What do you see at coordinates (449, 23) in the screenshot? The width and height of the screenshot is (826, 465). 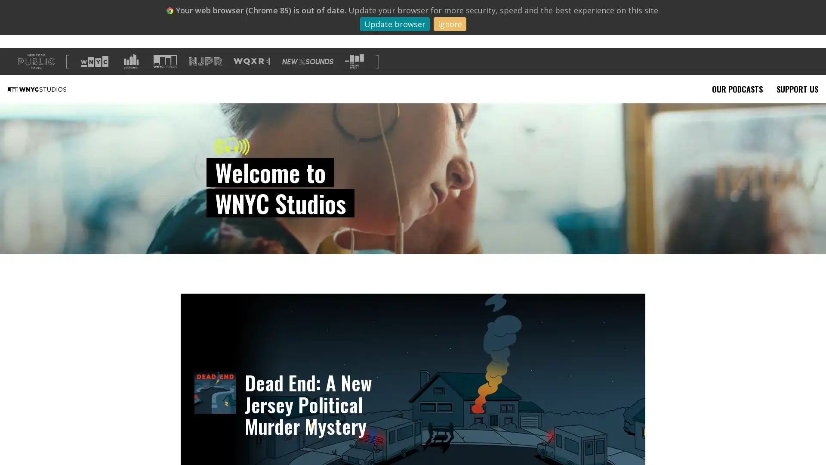 I see `Ignore` at bounding box center [449, 23].